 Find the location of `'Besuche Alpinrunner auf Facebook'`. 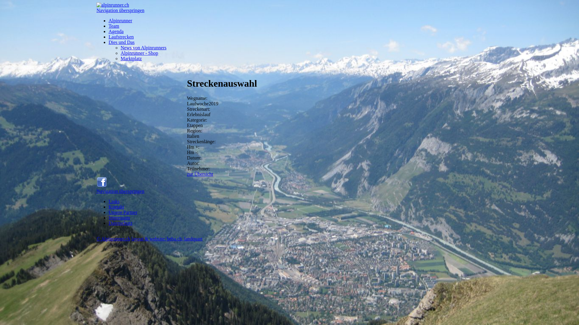

'Besuche Alpinrunner auf Facebook' is located at coordinates (96, 185).